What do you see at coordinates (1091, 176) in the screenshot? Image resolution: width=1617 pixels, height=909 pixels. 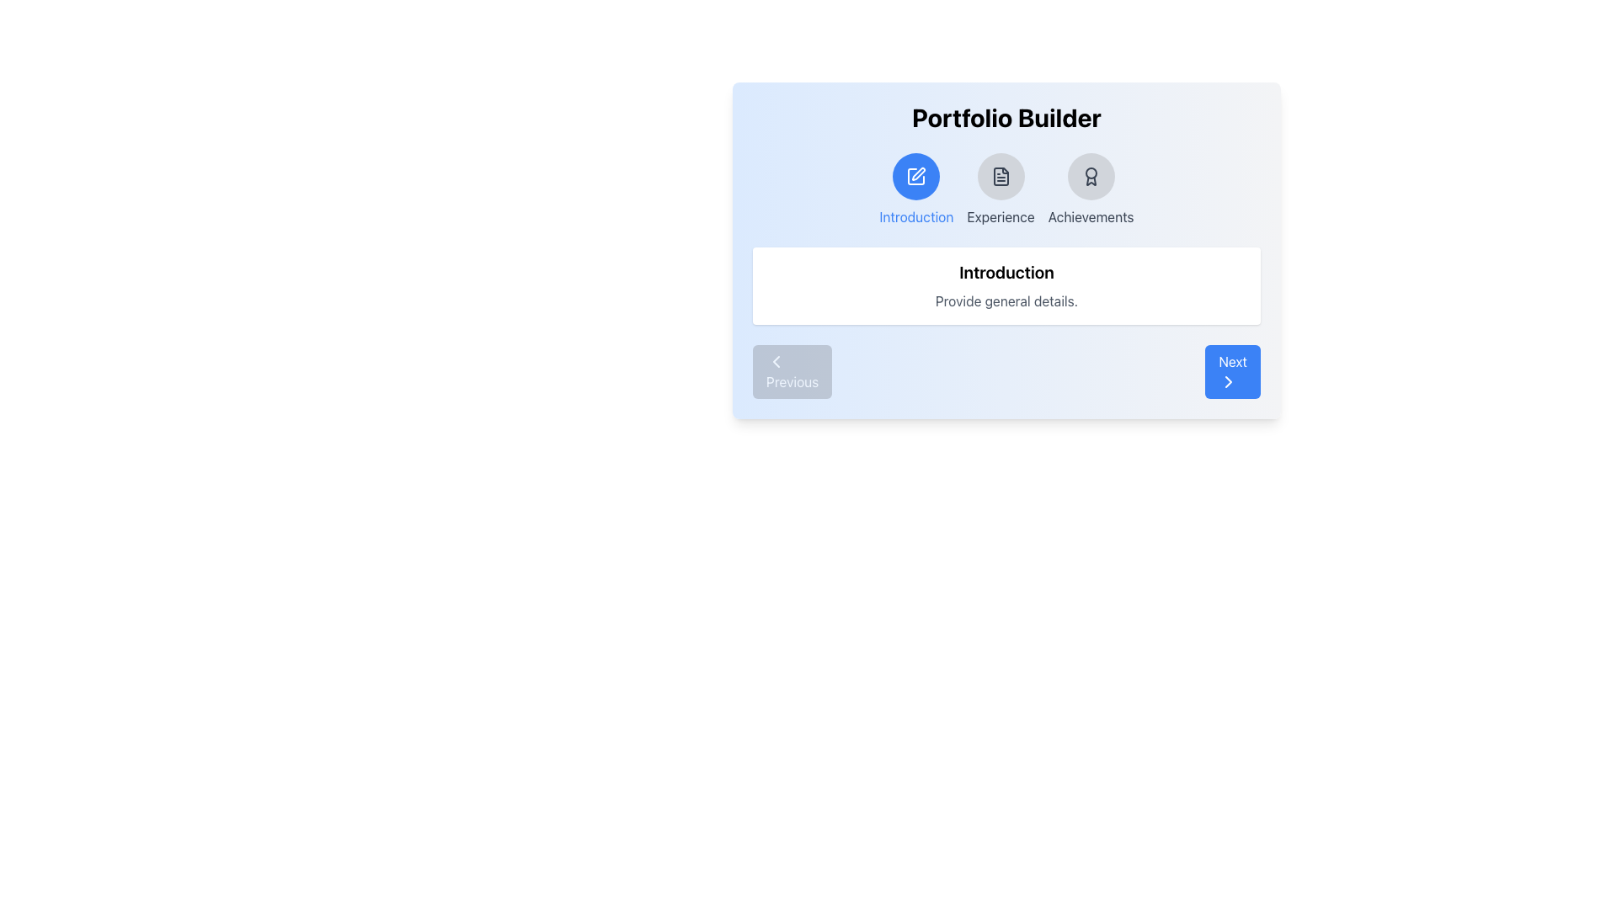 I see `the award icon styled as a ribbon or medal, which is the third icon below the 'Portfolio Builder' label` at bounding box center [1091, 176].